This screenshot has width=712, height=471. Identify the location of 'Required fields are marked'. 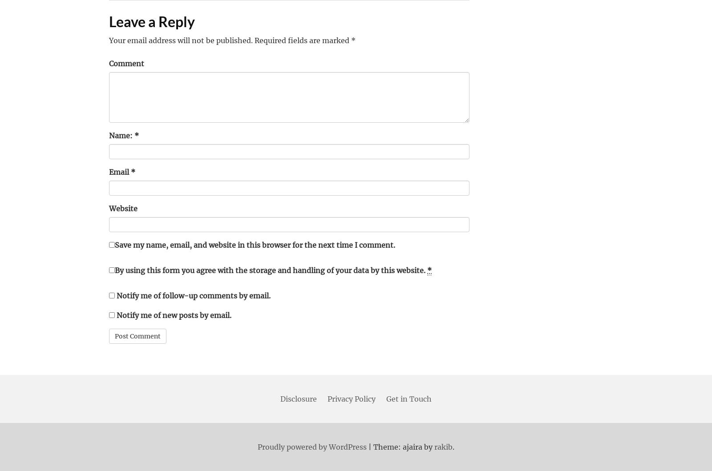
(252, 40).